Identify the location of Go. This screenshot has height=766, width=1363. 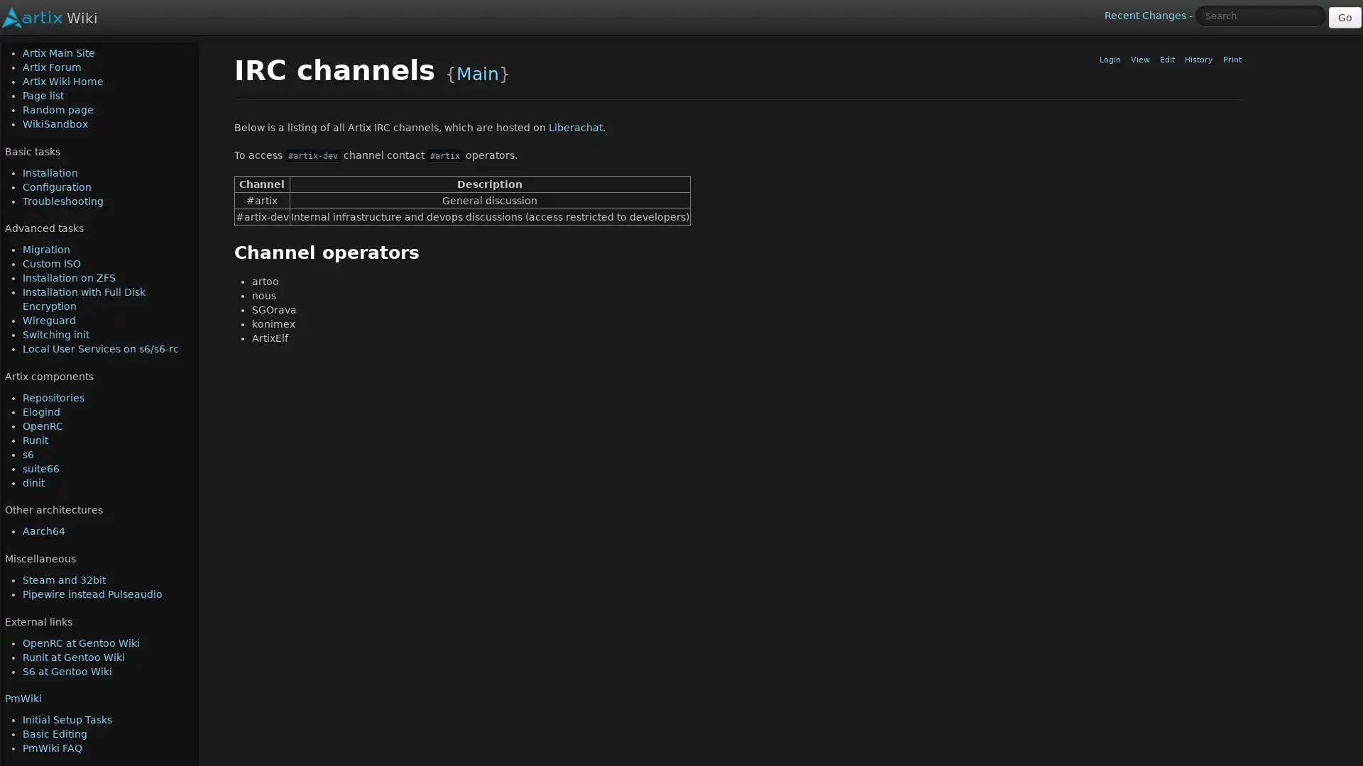
(1345, 17).